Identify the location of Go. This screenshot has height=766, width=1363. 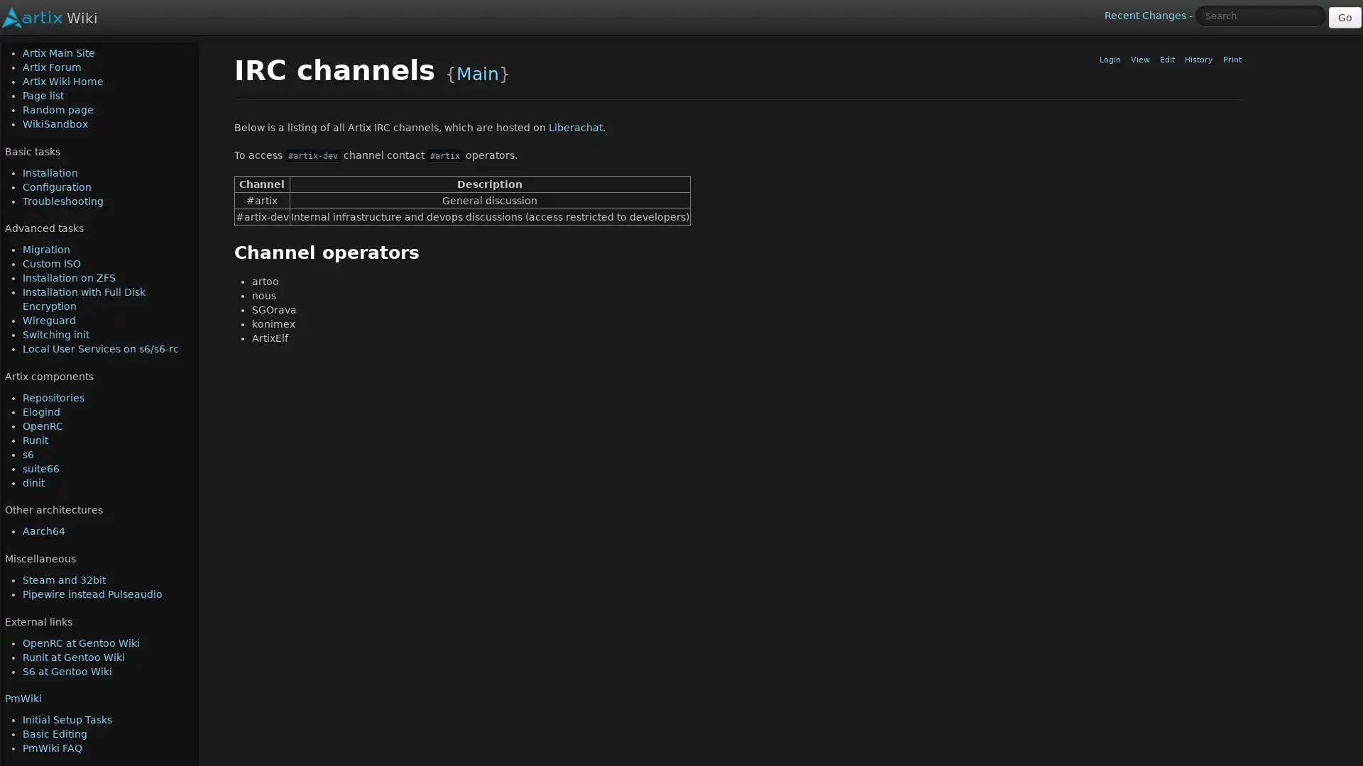
(1345, 17).